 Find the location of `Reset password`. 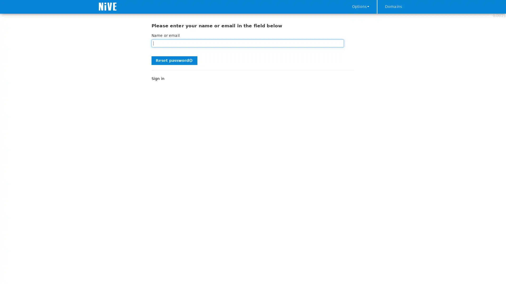

Reset password is located at coordinates (174, 60).